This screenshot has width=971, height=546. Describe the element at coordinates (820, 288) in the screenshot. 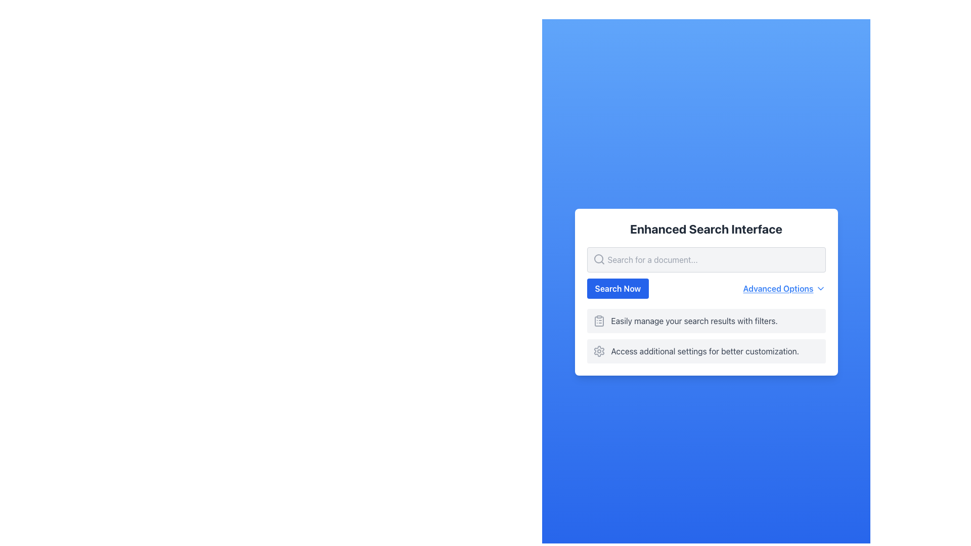

I see `the icon next to the 'Advanced Options' text` at that location.